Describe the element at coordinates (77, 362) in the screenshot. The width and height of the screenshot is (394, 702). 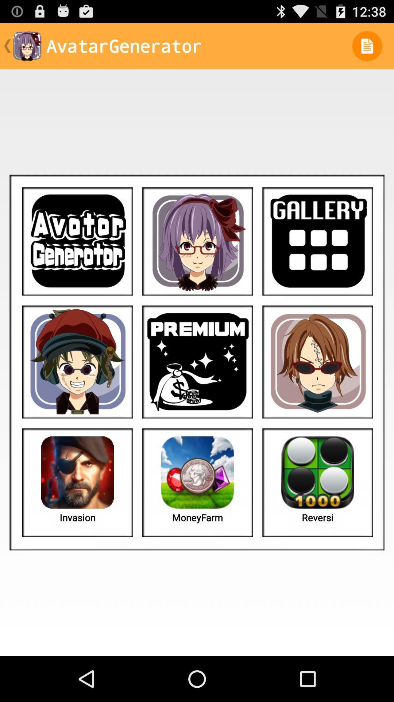
I see `content picture` at that location.